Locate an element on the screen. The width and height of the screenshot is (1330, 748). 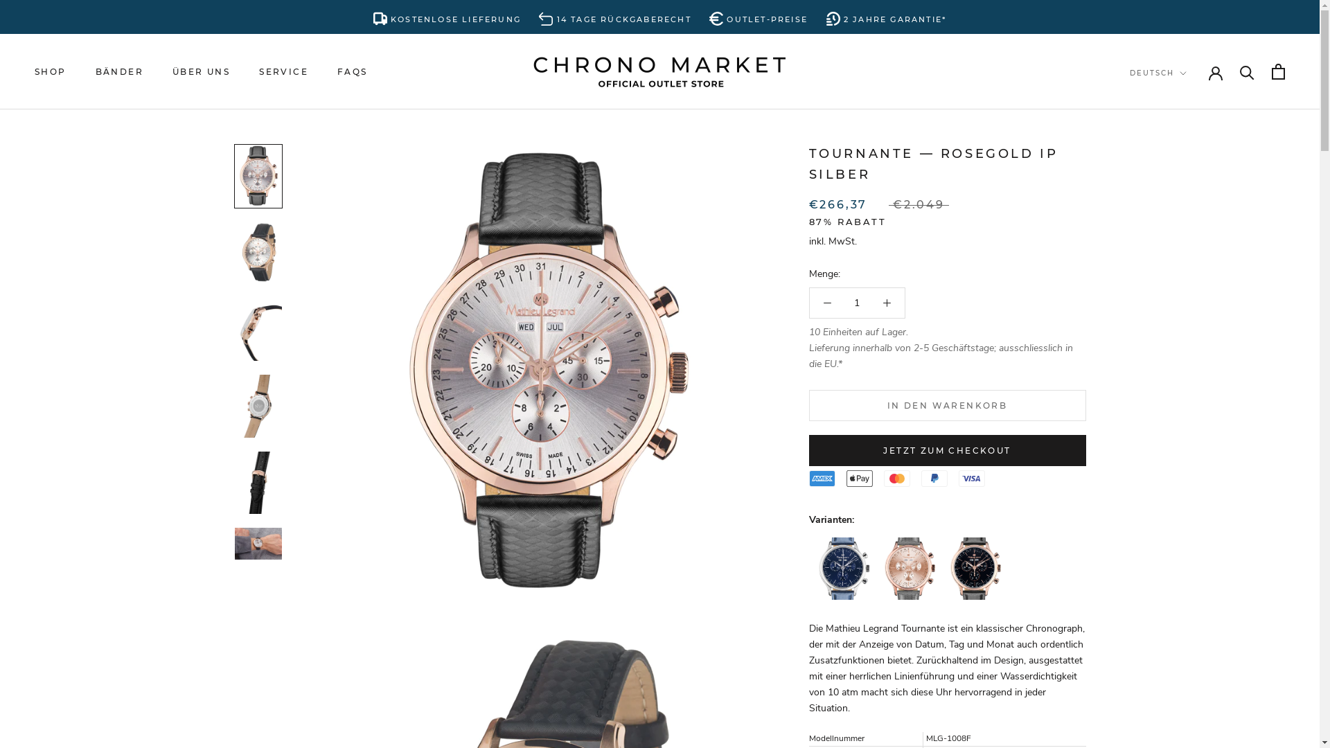
'OUTLET-PREISE' is located at coordinates (757, 17).